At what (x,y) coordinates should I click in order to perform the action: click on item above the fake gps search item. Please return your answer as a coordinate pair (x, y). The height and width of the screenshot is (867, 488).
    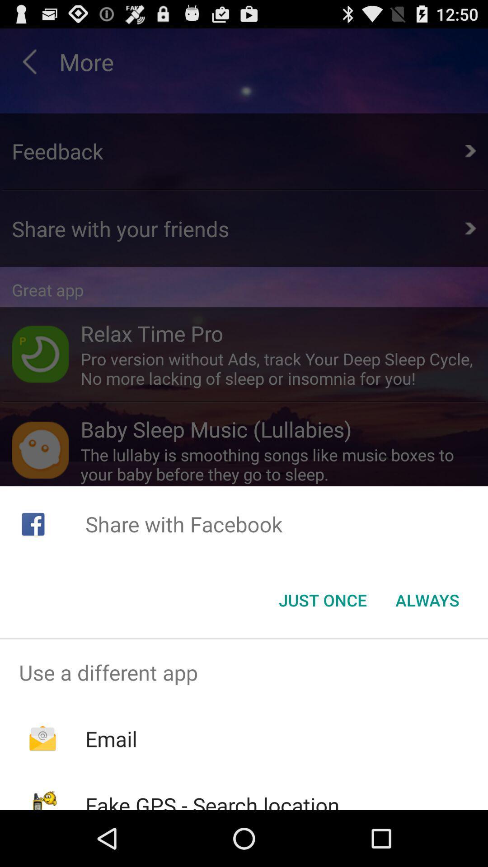
    Looking at the image, I should click on (111, 739).